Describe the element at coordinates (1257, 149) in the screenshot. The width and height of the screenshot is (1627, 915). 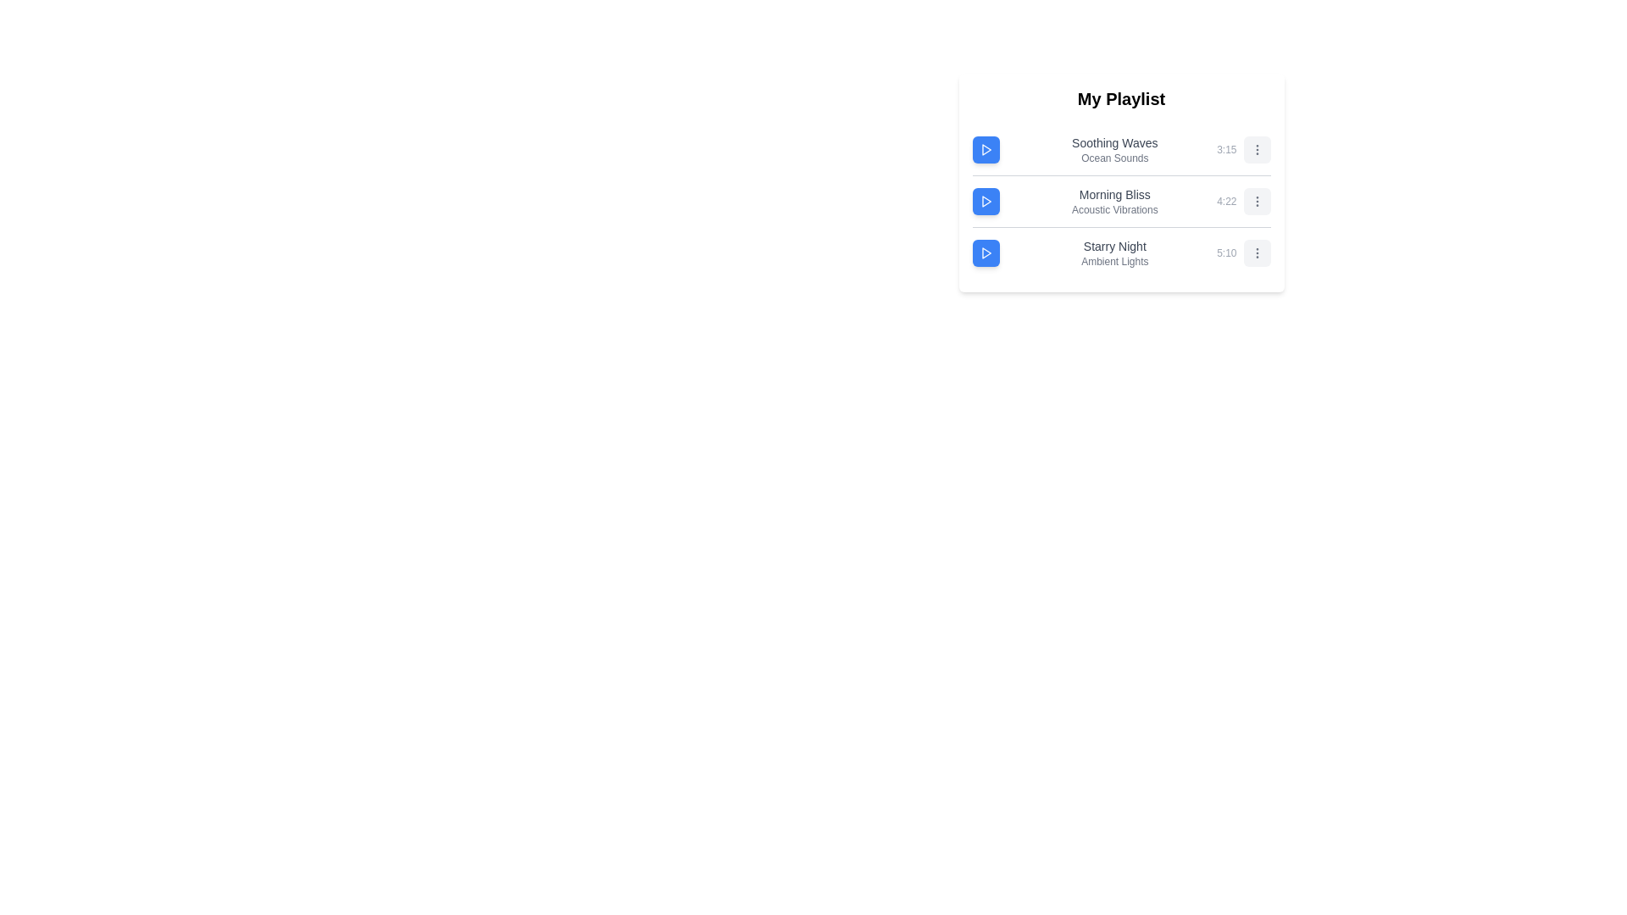
I see `the options button (three vertically aligned dots) located on the right side of the first row of the 'Soothing Waves - Ocean Sounds' playlist` at that location.